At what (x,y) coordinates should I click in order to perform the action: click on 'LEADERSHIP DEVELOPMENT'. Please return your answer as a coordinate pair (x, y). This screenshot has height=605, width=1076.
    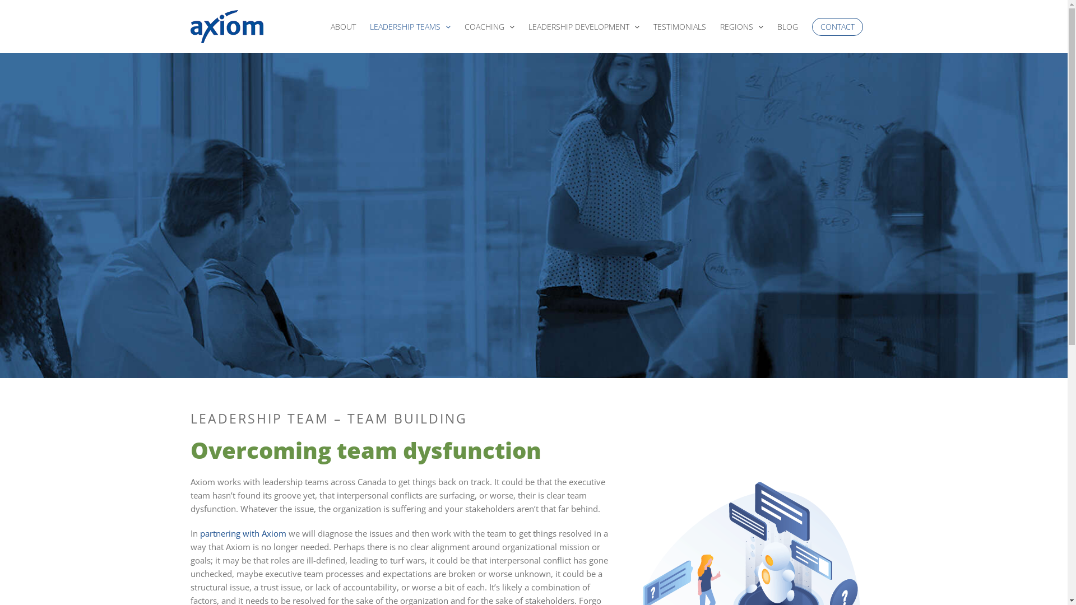
    Looking at the image, I should click on (583, 26).